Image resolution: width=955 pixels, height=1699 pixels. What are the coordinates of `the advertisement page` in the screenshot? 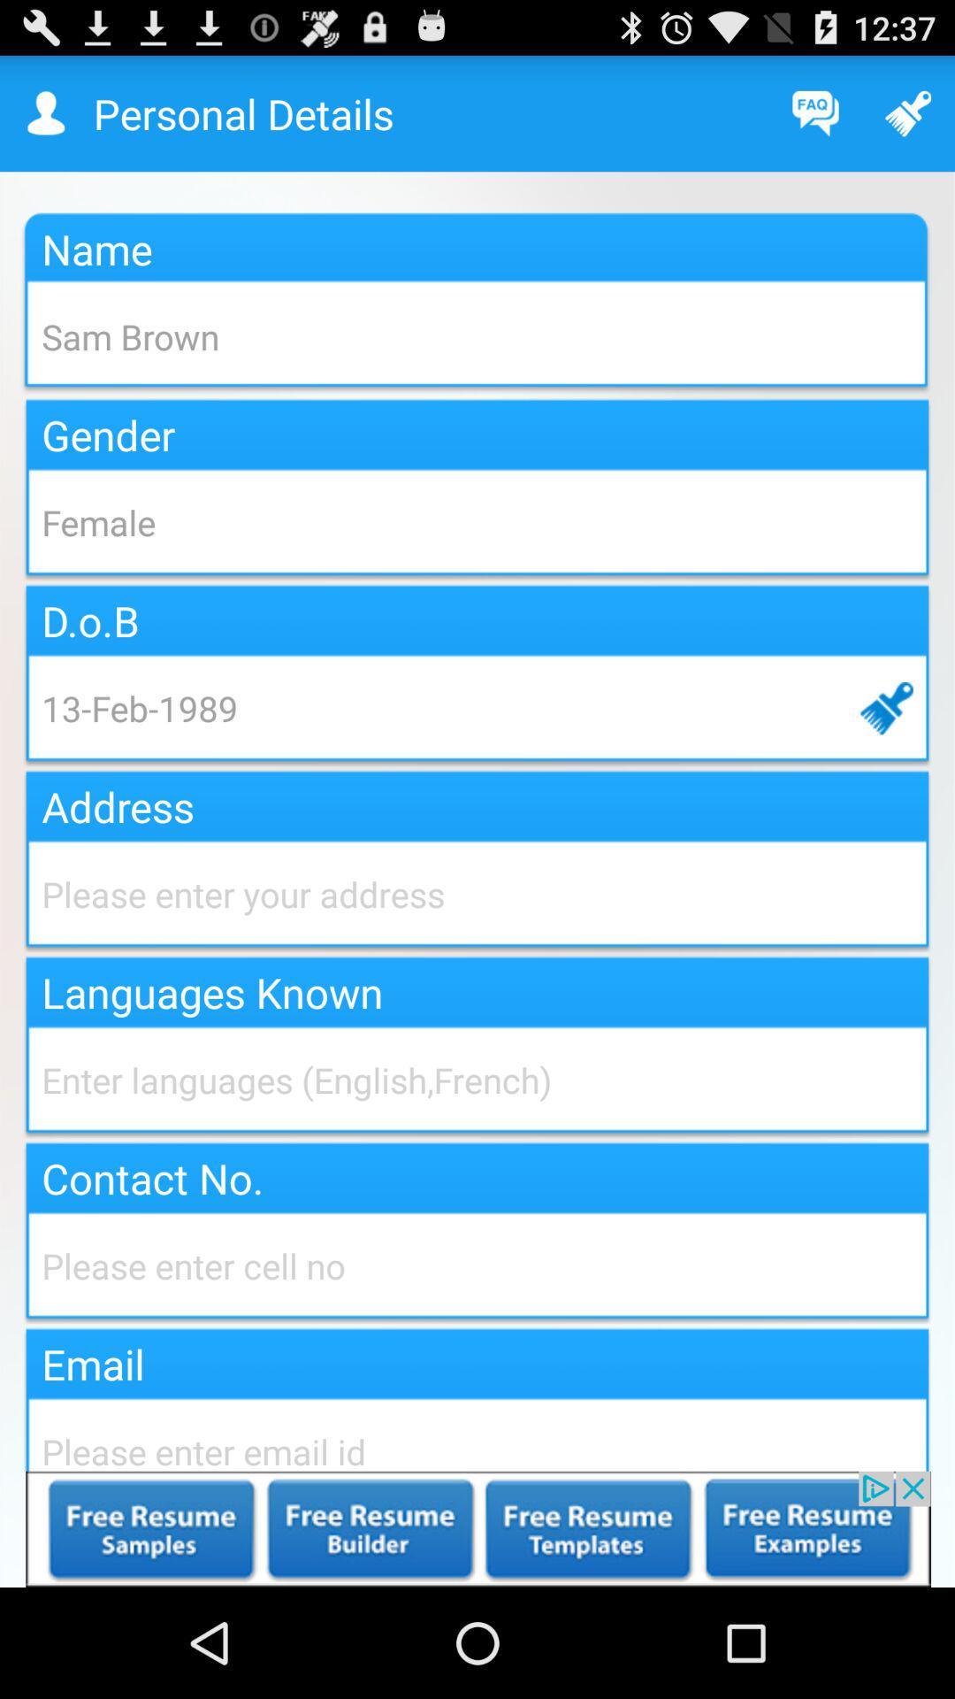 It's located at (477, 1528).